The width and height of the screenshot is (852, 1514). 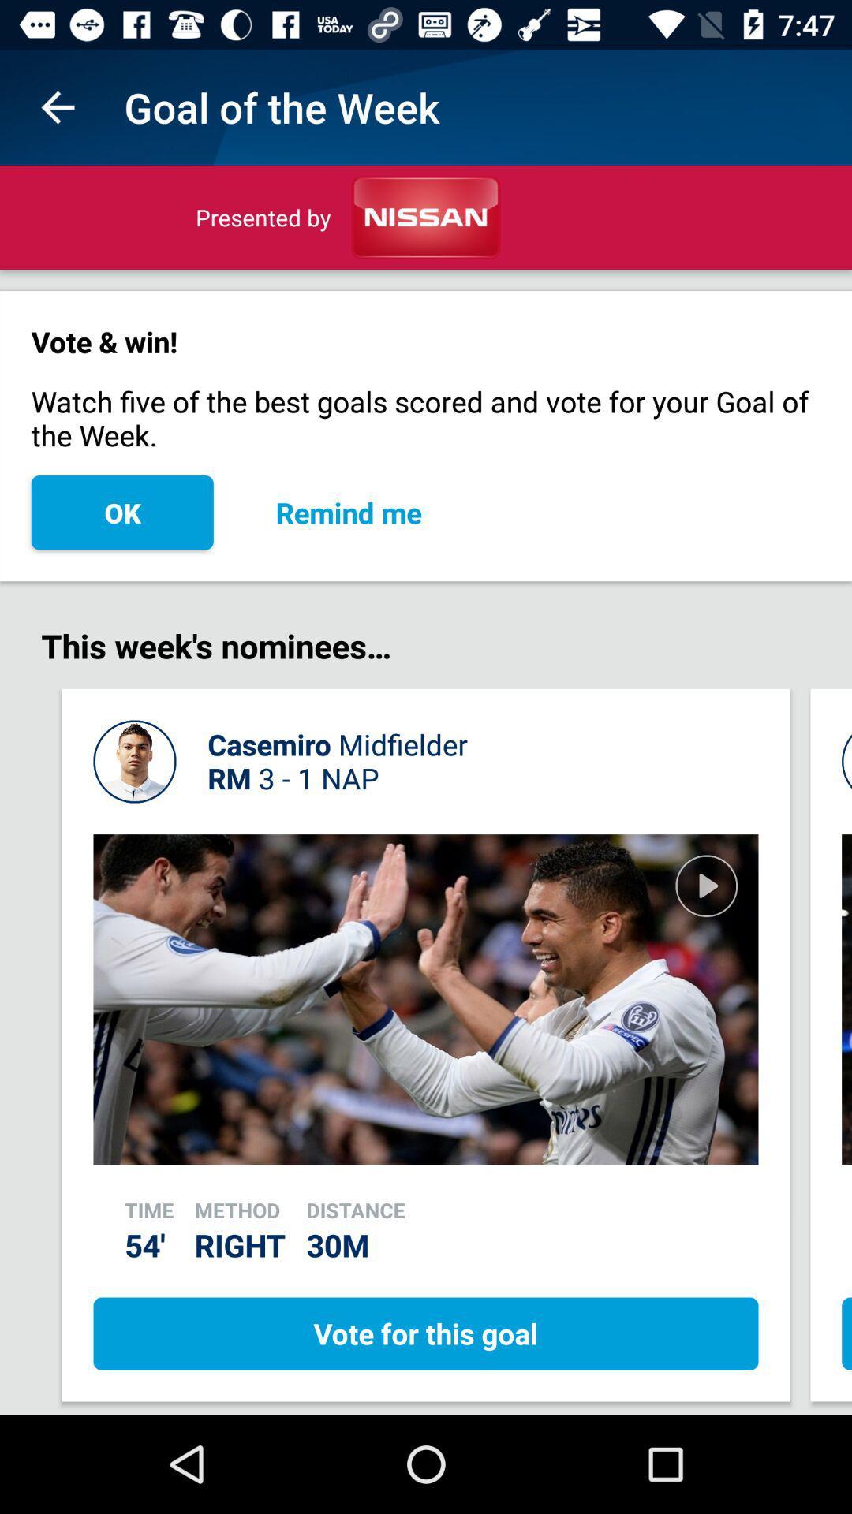 What do you see at coordinates (348, 513) in the screenshot?
I see `icon above the this week s item` at bounding box center [348, 513].